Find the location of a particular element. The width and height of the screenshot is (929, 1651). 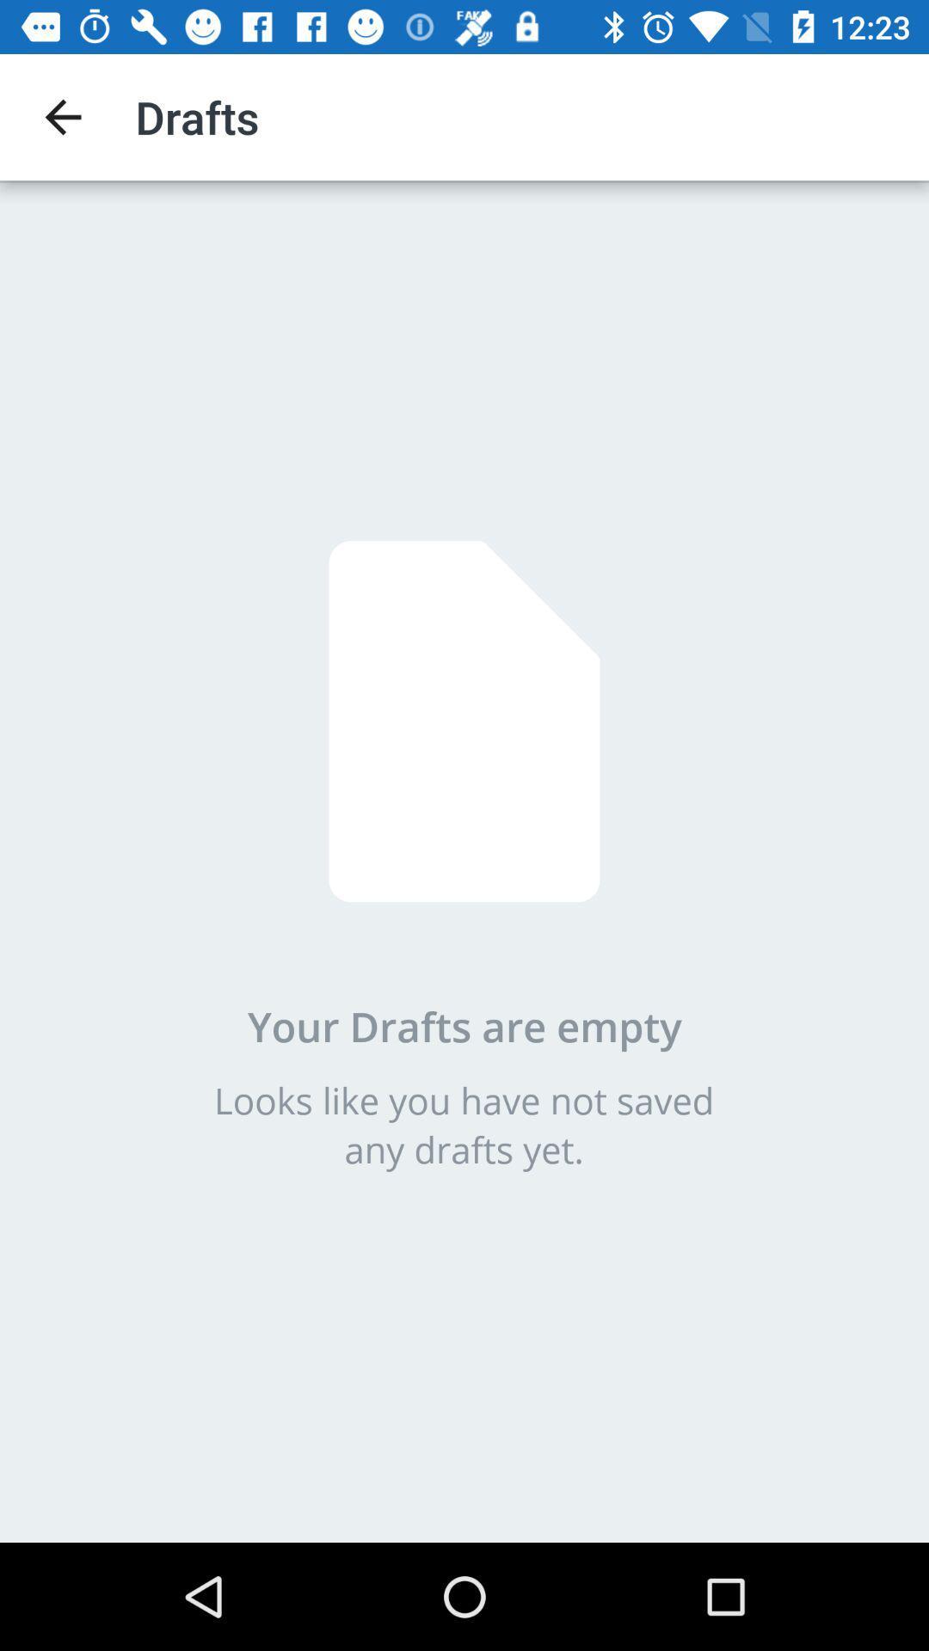

the item next to drafts icon is located at coordinates (62, 116).